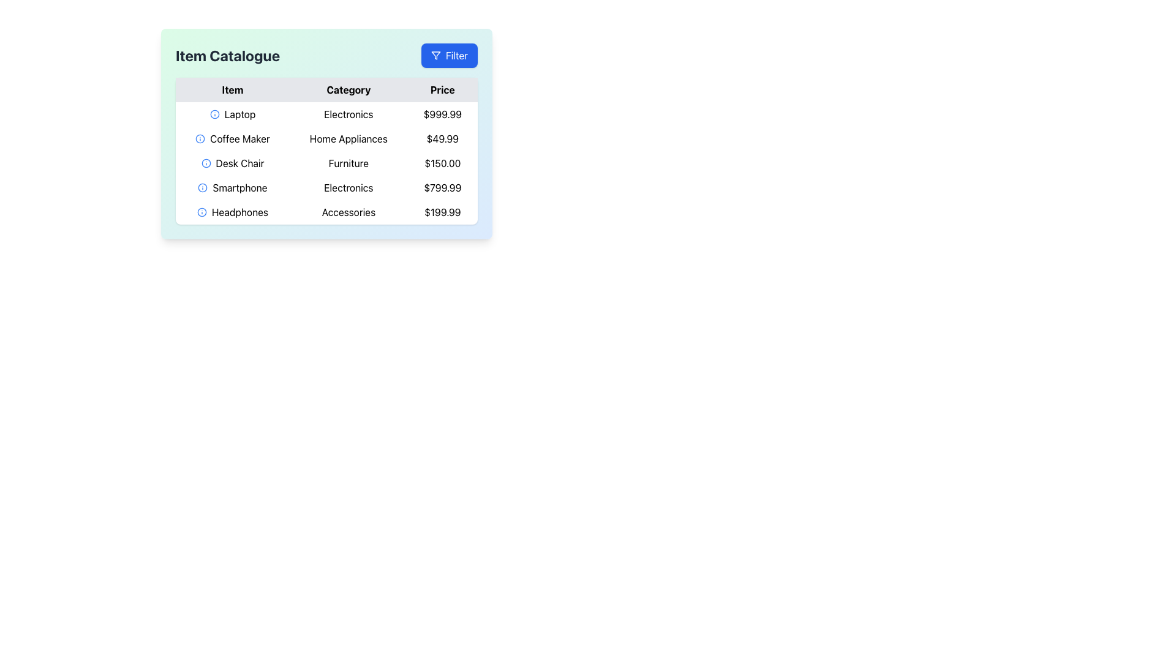 Image resolution: width=1176 pixels, height=661 pixels. What do you see at coordinates (200, 138) in the screenshot?
I see `the information icon shaped as a filled circle with a white border and blue outline, located to the left of the 'Coffee Maker' text in the 'Item Catalogue' table` at bounding box center [200, 138].